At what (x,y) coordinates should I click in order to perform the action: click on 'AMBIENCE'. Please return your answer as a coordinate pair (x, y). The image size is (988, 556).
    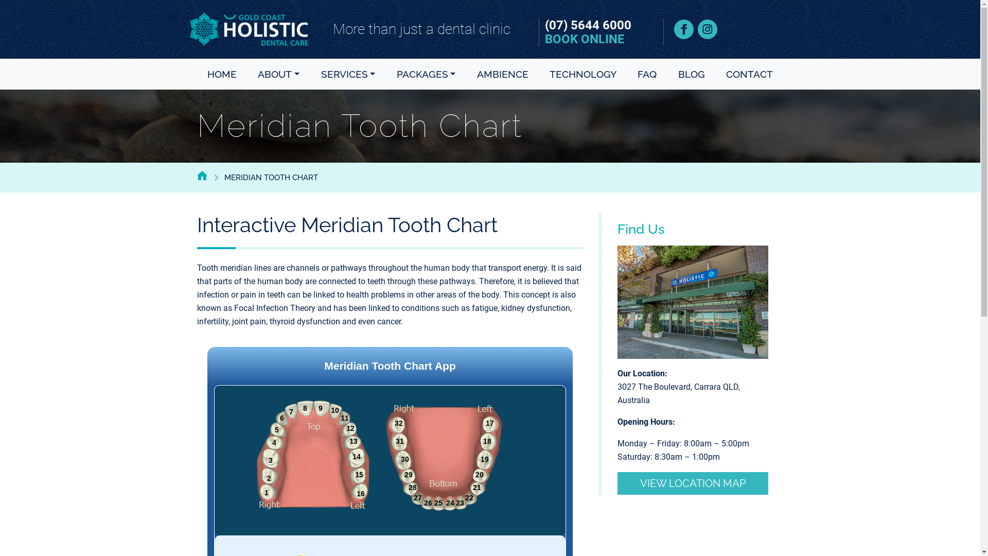
    Looking at the image, I should click on (503, 74).